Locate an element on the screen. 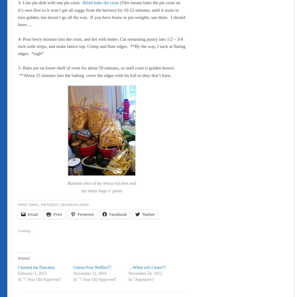 This screenshot has width=295, height=297. '3- Line pie dish with one pie crust.' is located at coordinates (50, 2).